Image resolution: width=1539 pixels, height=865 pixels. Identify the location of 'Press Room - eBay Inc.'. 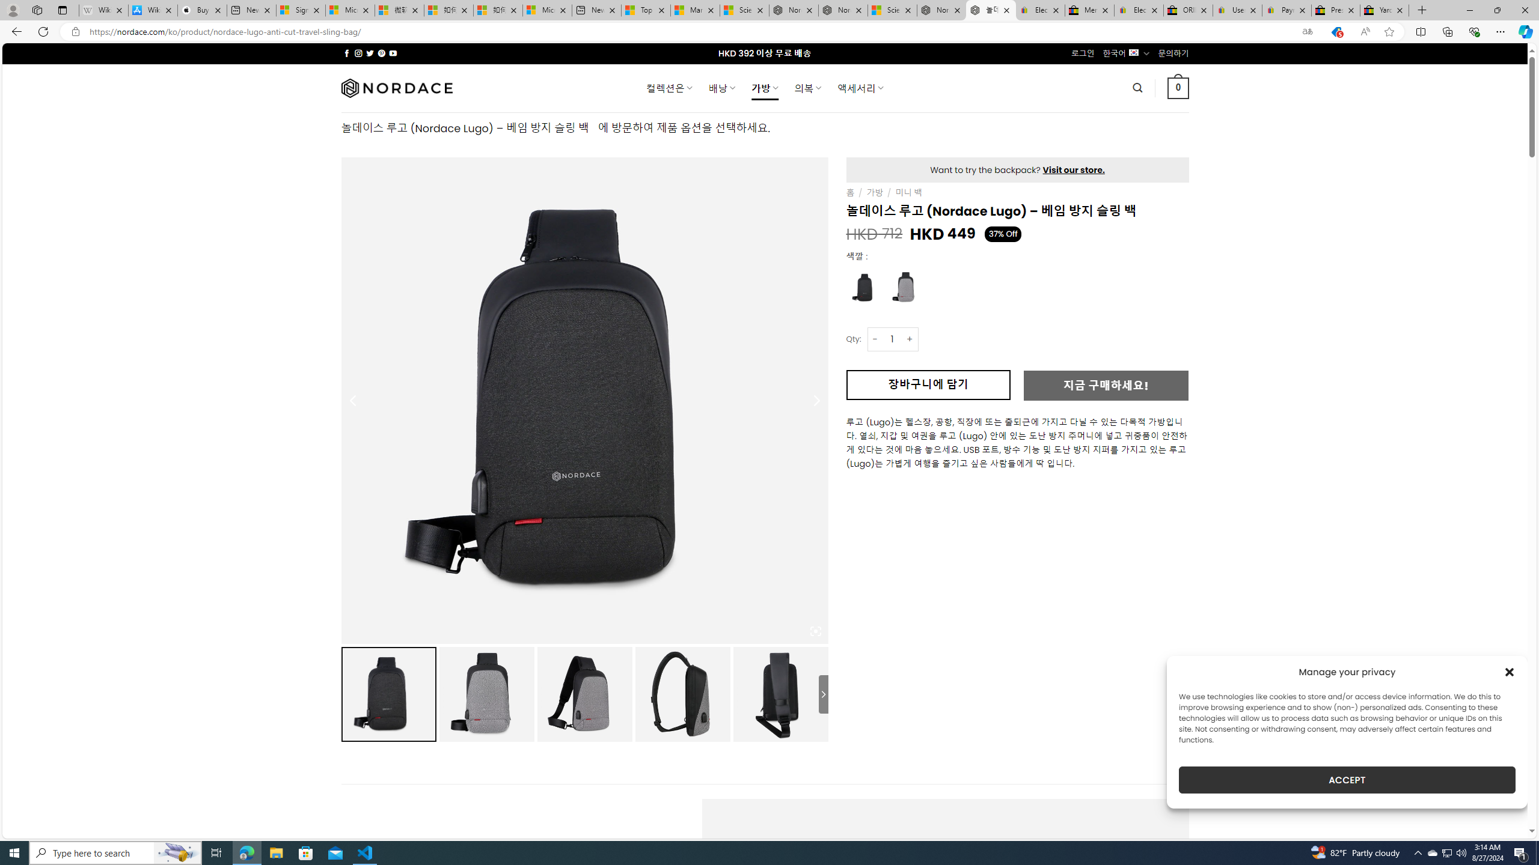
(1335, 10).